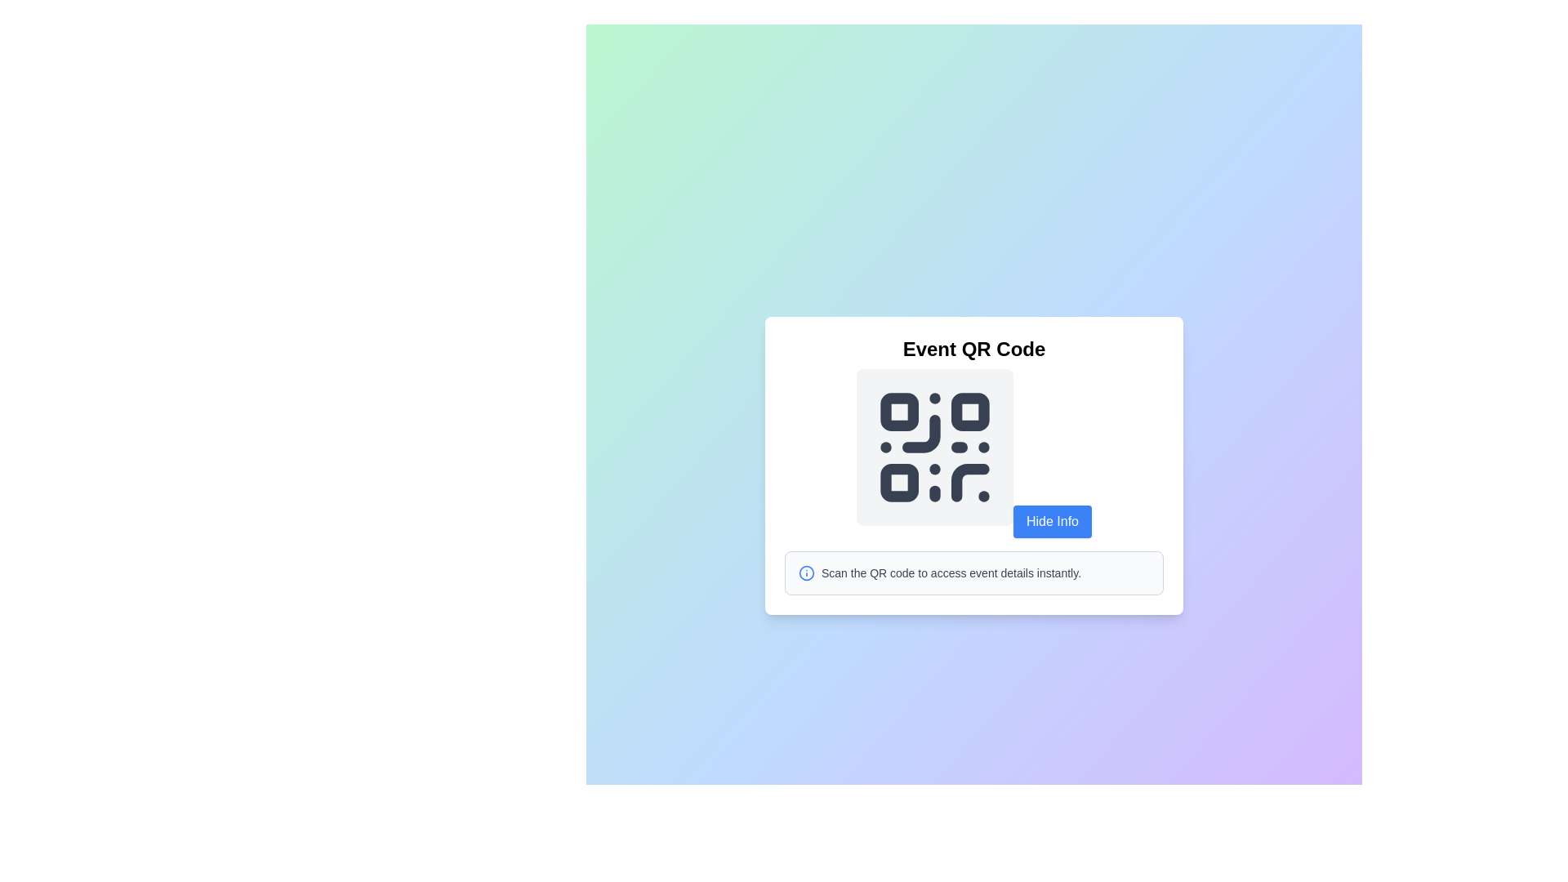 The width and height of the screenshot is (1568, 882). Describe the element at coordinates (898, 411) in the screenshot. I see `the Graphical QR code module located in the top-left corner of the QR code design matrix` at that location.